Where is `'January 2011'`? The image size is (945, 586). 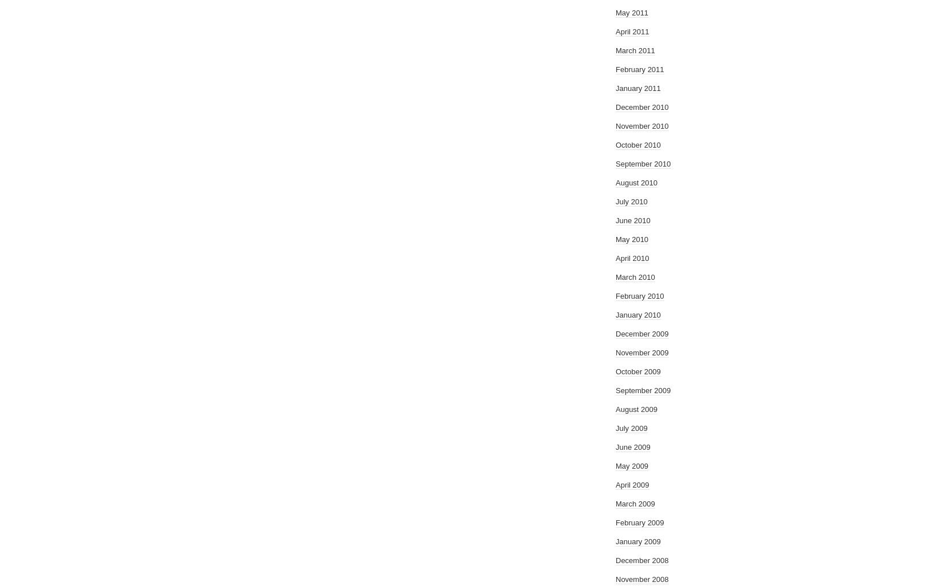 'January 2011' is located at coordinates (638, 88).